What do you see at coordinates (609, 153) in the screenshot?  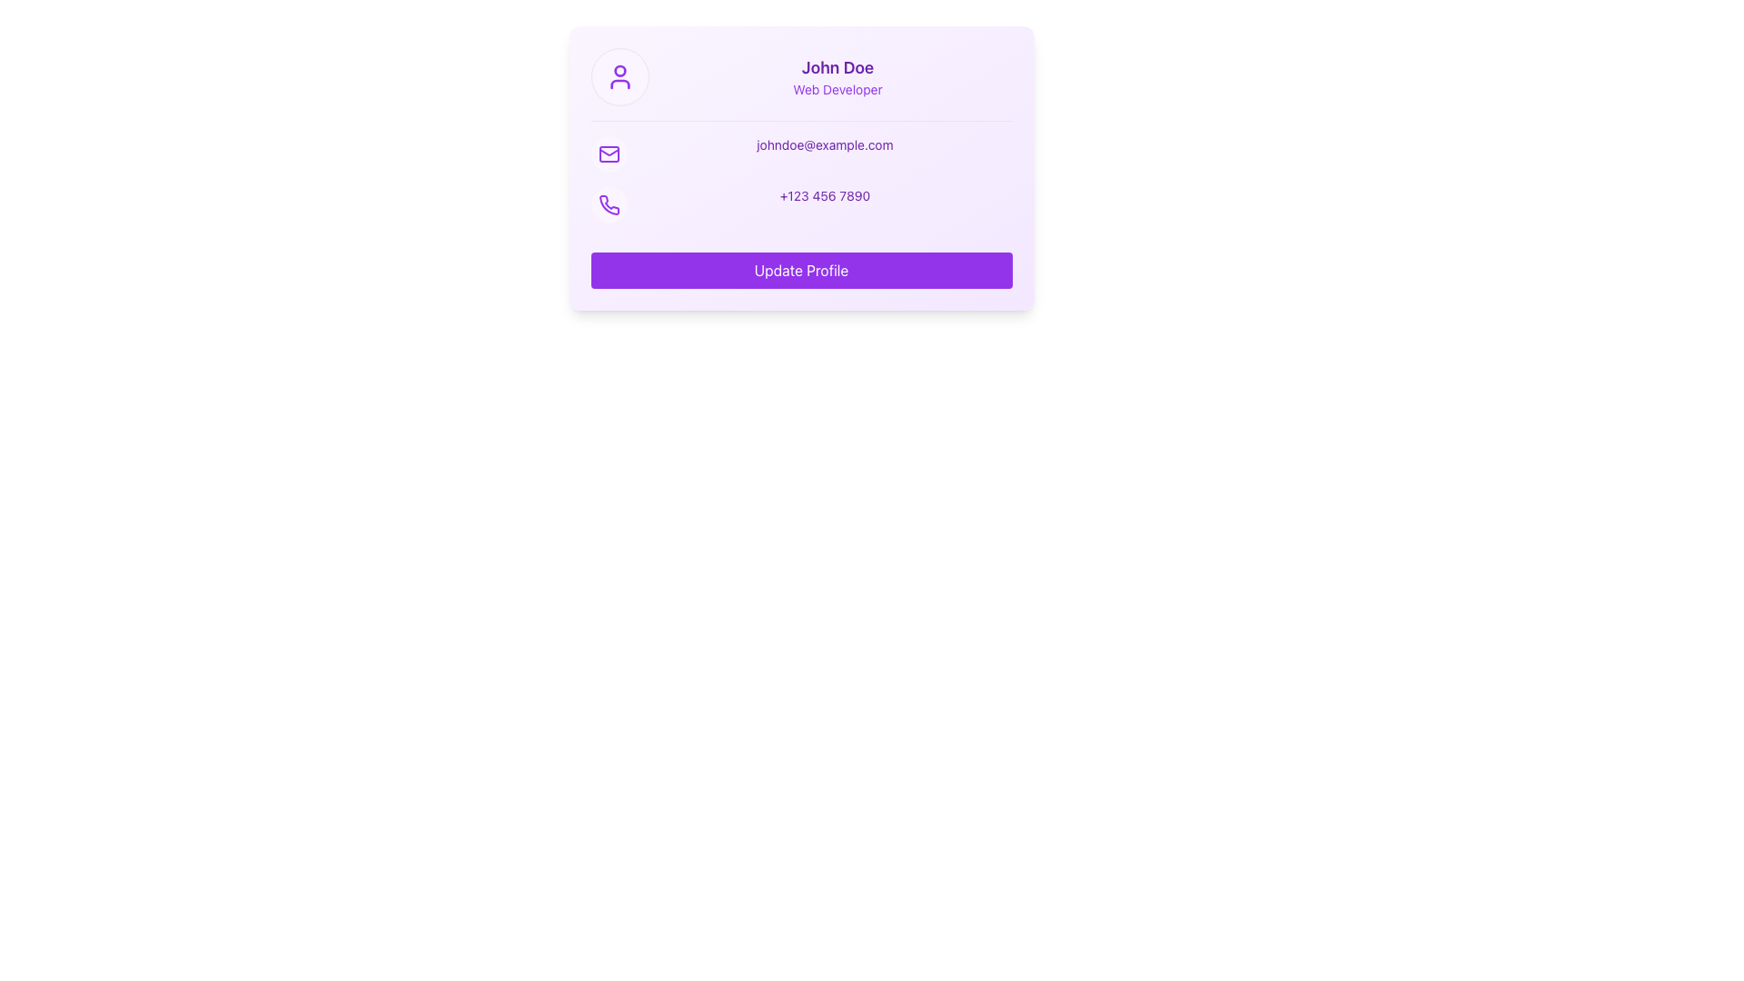 I see `the purple envelope icon located below the user avatar icon and above the phone icon in the vertical list of the user profile card` at bounding box center [609, 153].